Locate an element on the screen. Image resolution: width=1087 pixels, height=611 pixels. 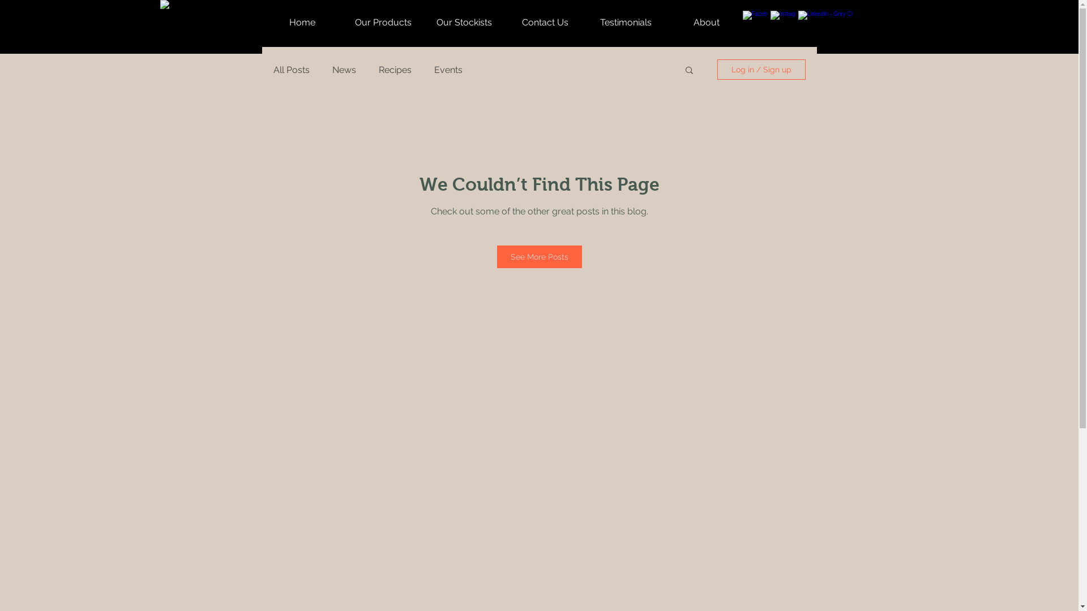
'Our Stockists' is located at coordinates (464, 22).